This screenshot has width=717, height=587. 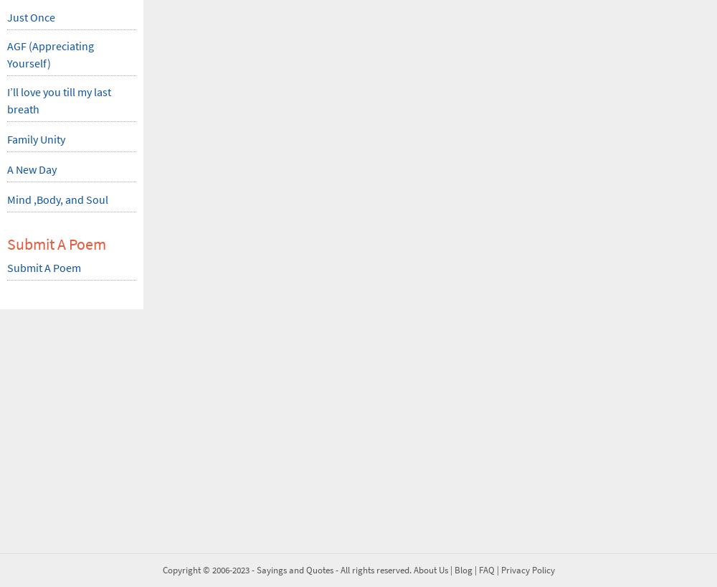 I want to click on 'FAQ', so click(x=486, y=570).